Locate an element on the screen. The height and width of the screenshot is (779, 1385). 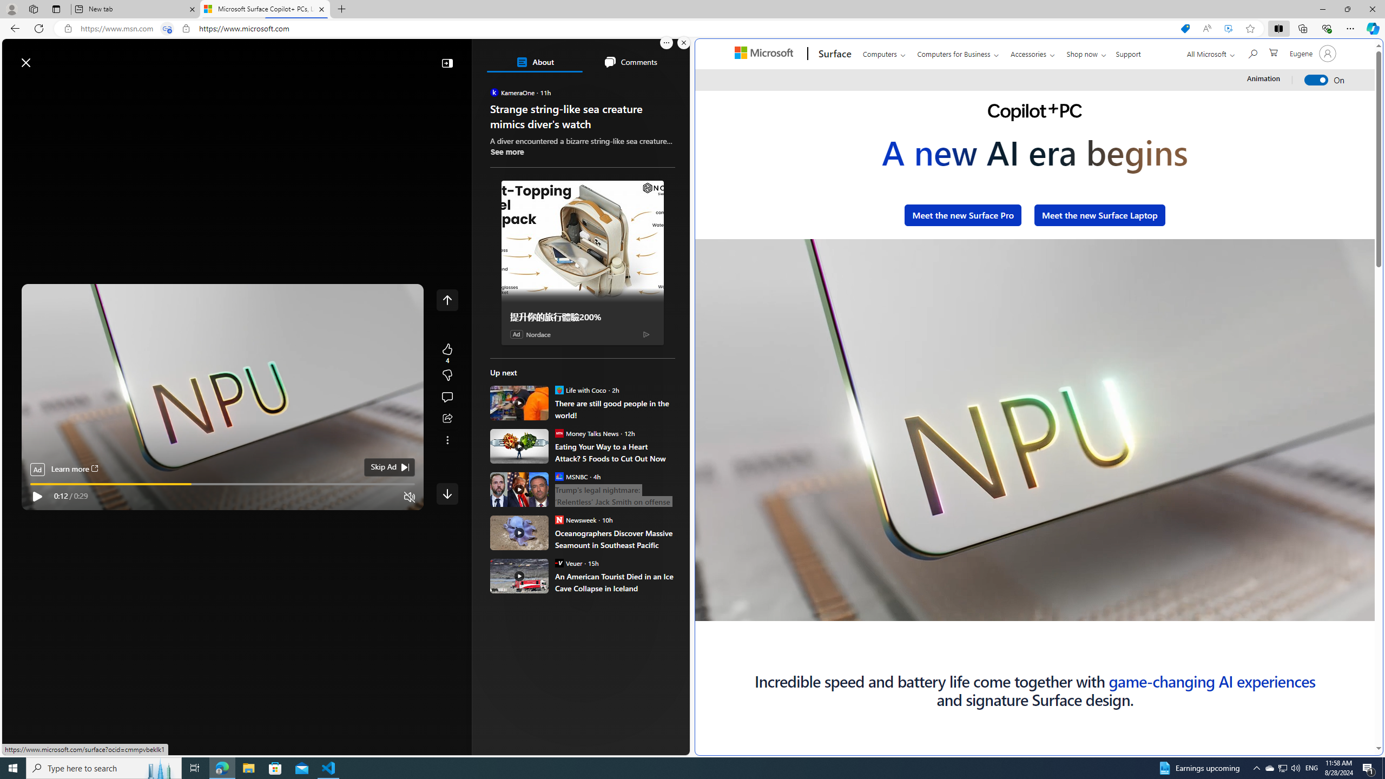
'Money Talks News' is located at coordinates (558, 433).